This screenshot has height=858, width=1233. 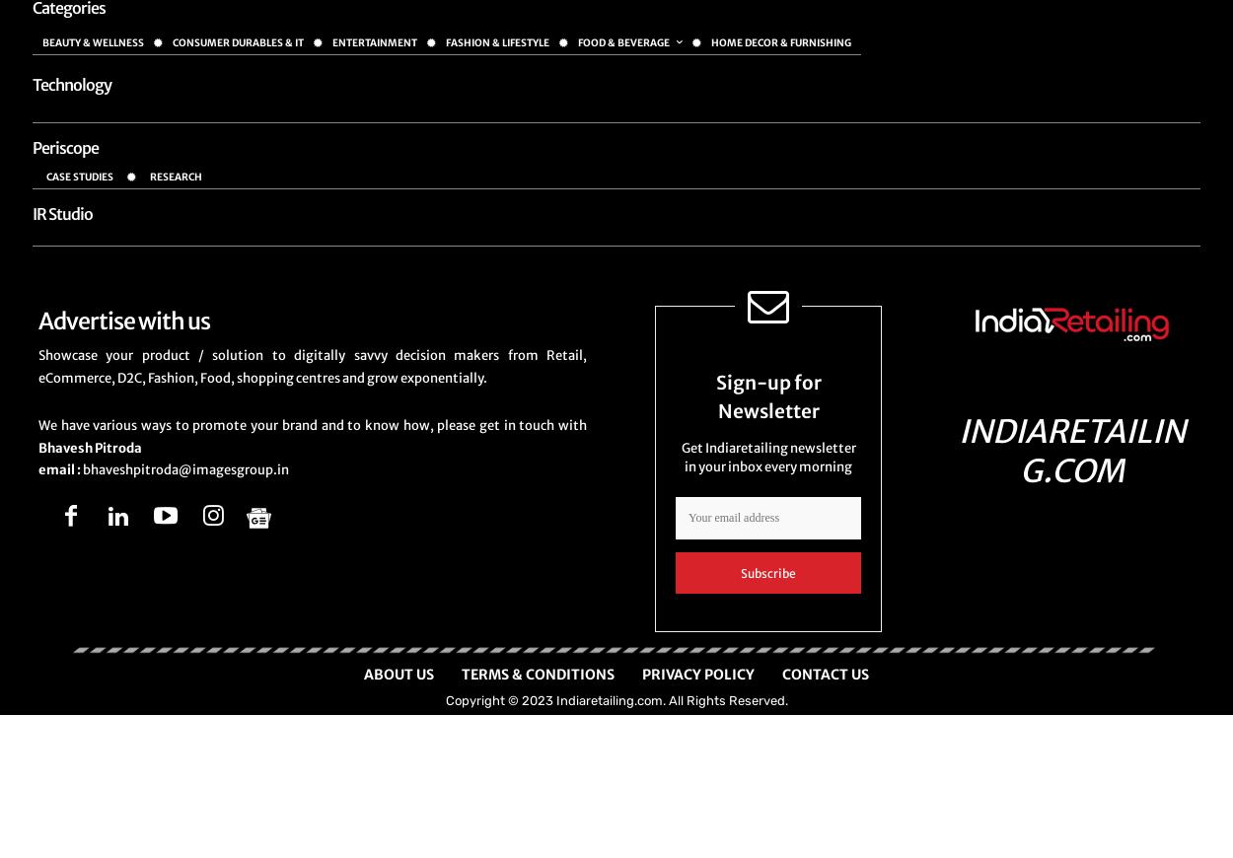 I want to click on 'Terms & Conditions', so click(x=538, y=674).